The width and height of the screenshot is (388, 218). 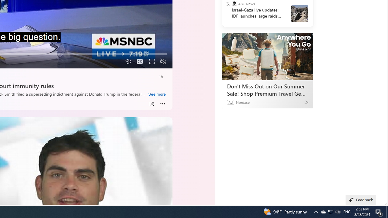 What do you see at coordinates (152, 104) in the screenshot?
I see `'Share'` at bounding box center [152, 104].